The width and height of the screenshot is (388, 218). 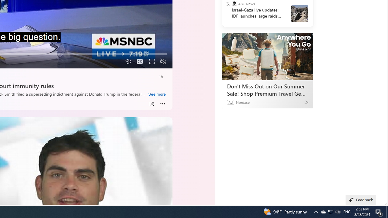 What do you see at coordinates (152, 104) in the screenshot?
I see `'Share'` at bounding box center [152, 104].